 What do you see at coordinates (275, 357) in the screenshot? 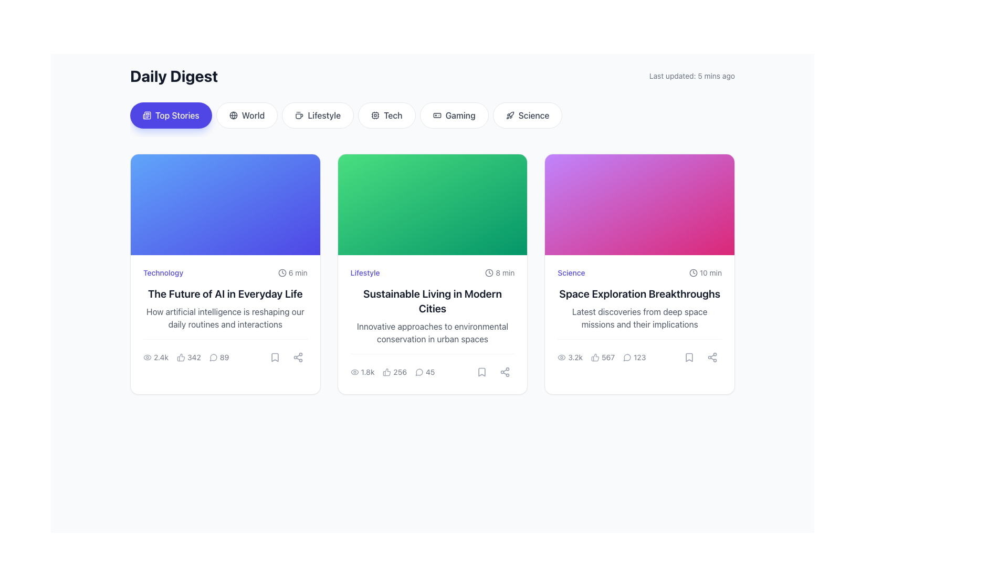
I see `the bookmark button located in the bottom-right corner of the first card titled 'The Future of AI in Everyday Life' within the 'Daily Digest' interface` at bounding box center [275, 357].